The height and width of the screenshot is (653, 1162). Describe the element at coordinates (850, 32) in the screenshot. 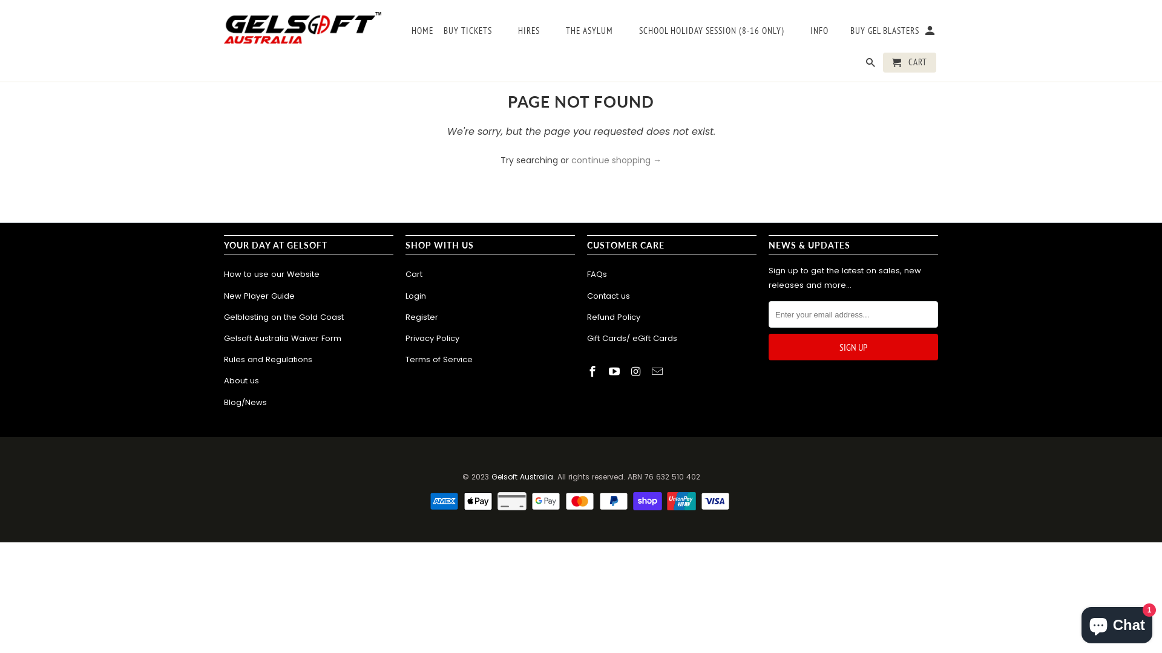

I see `'BUY GEL BLASTERS'` at that location.